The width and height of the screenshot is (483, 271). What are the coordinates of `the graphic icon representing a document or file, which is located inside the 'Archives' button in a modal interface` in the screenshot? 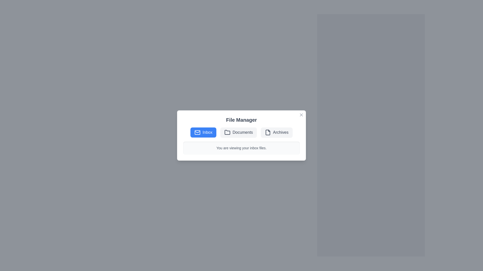 It's located at (268, 132).